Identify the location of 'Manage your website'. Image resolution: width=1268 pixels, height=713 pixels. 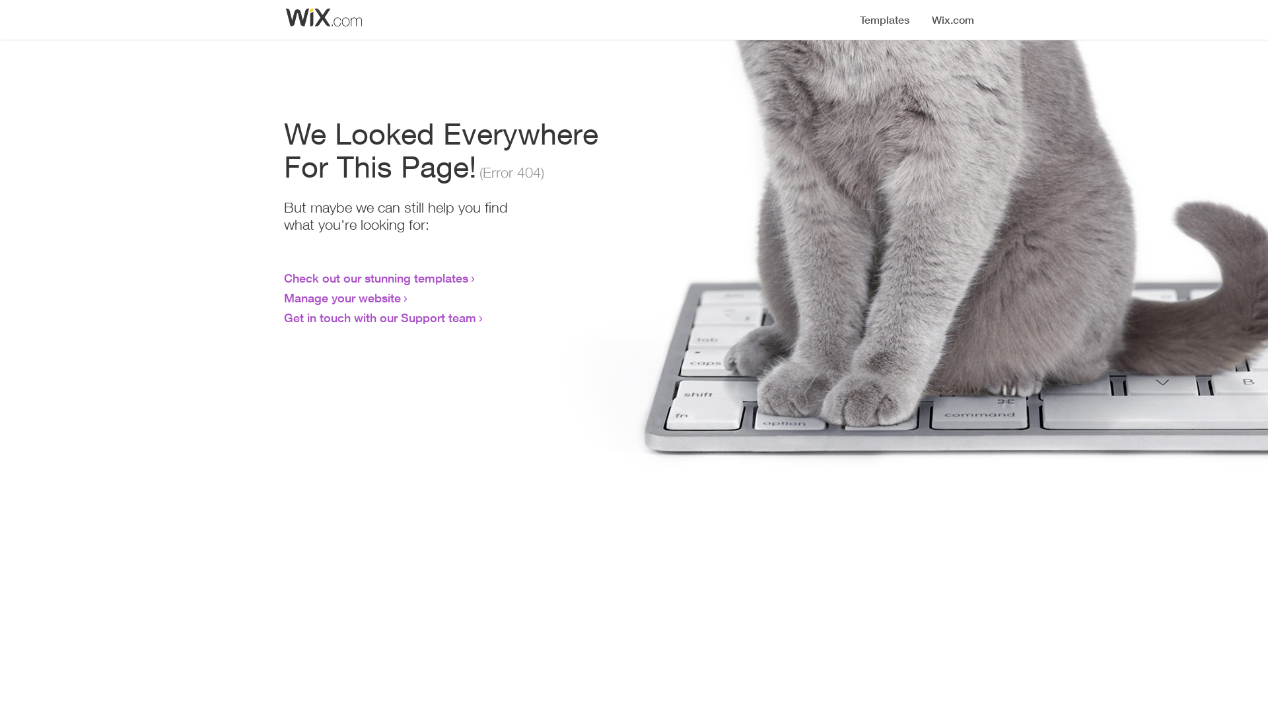
(342, 298).